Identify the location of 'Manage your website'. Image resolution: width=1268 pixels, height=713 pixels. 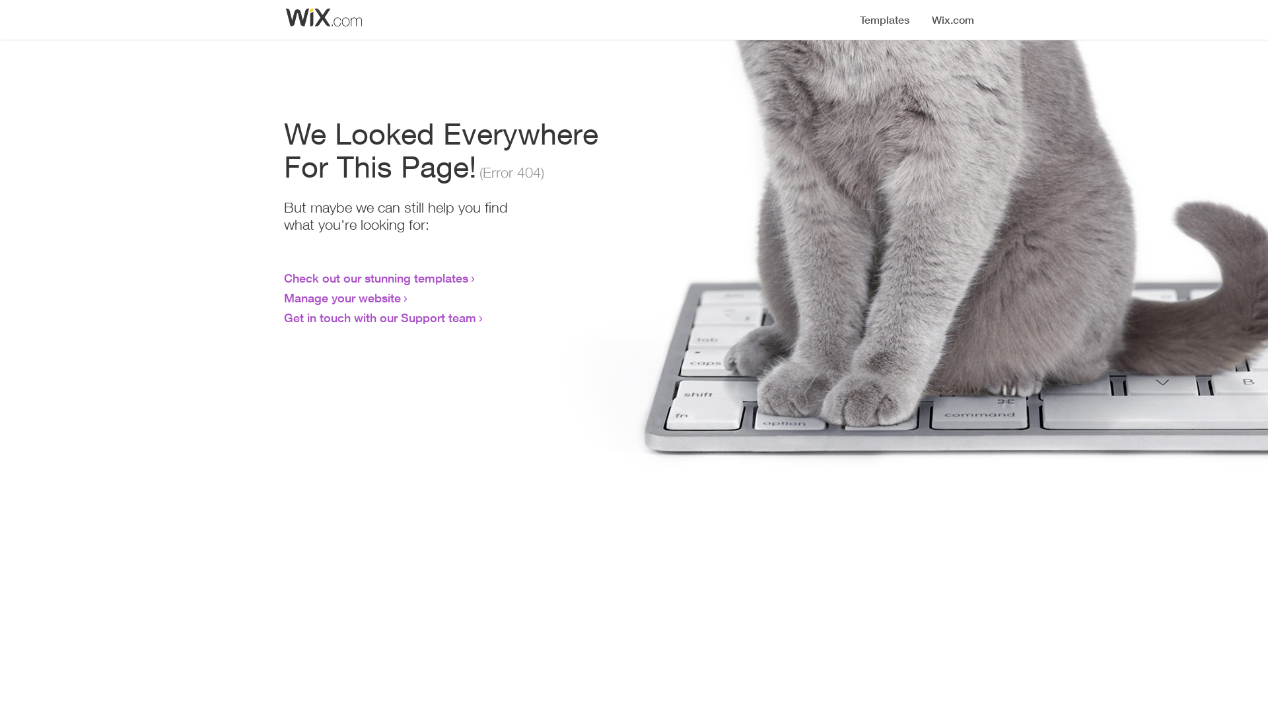
(342, 298).